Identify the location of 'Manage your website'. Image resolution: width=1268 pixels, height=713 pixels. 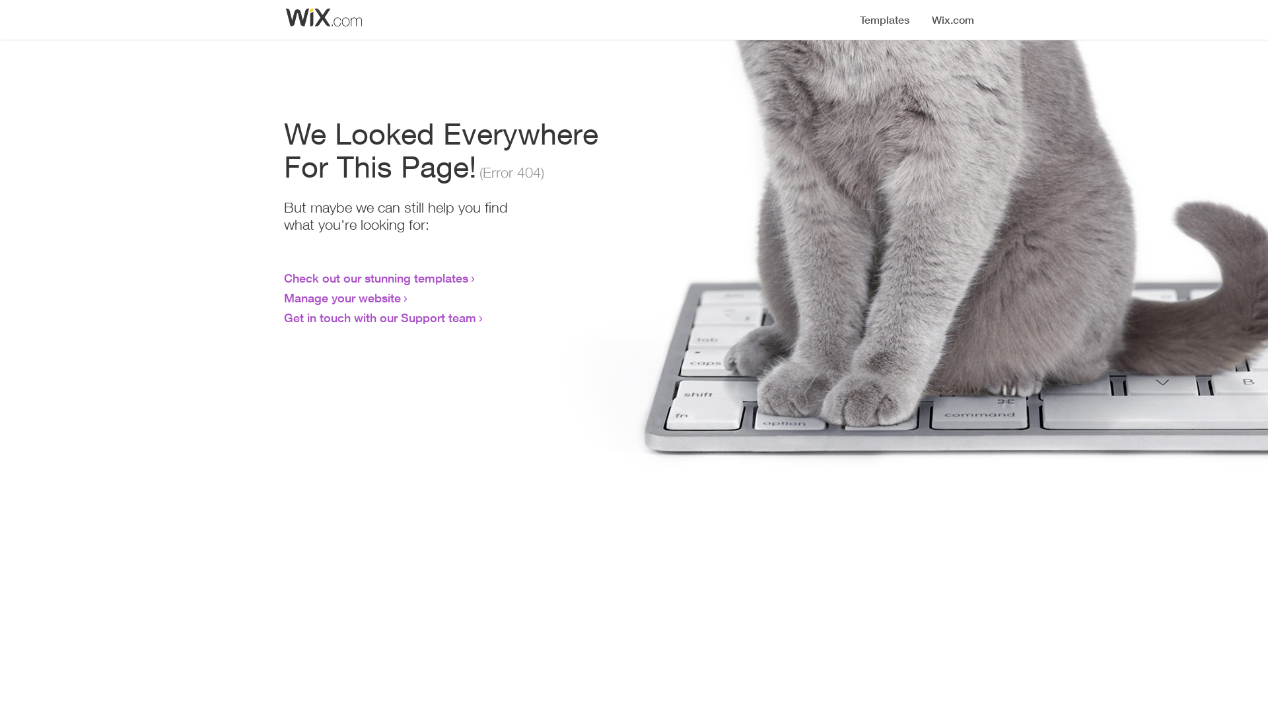
(342, 298).